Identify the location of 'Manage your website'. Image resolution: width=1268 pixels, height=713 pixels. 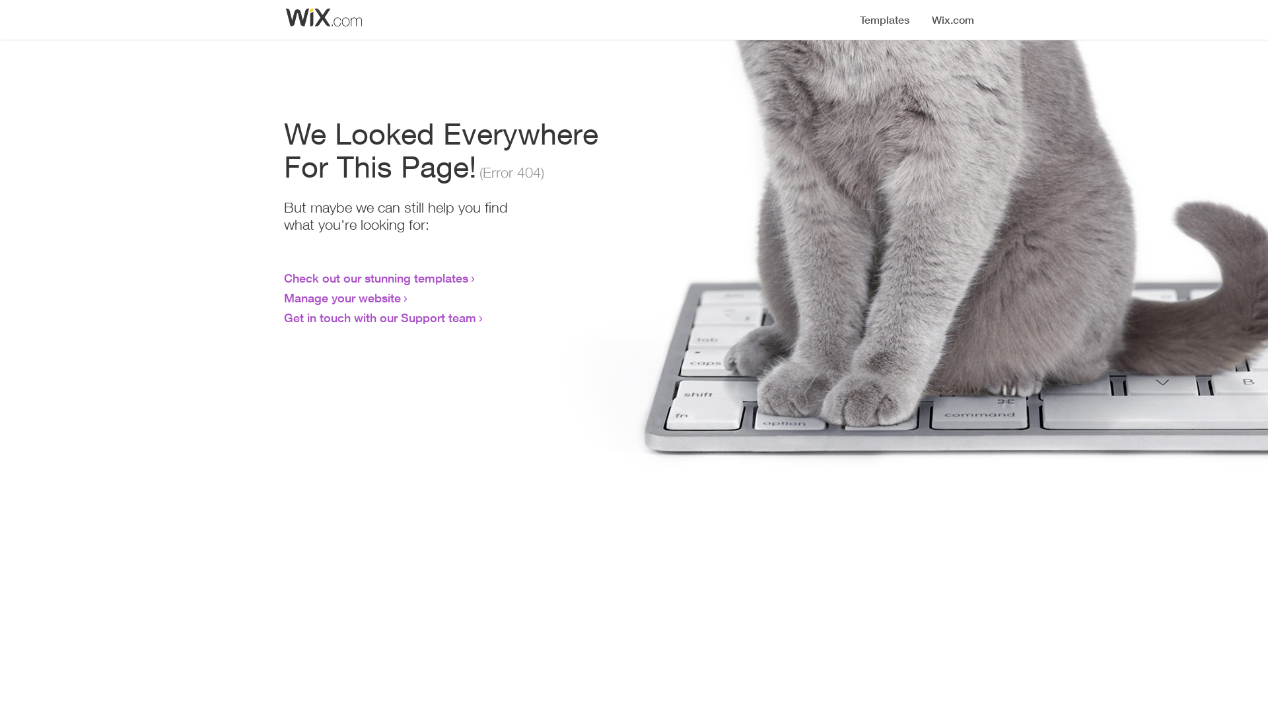
(342, 298).